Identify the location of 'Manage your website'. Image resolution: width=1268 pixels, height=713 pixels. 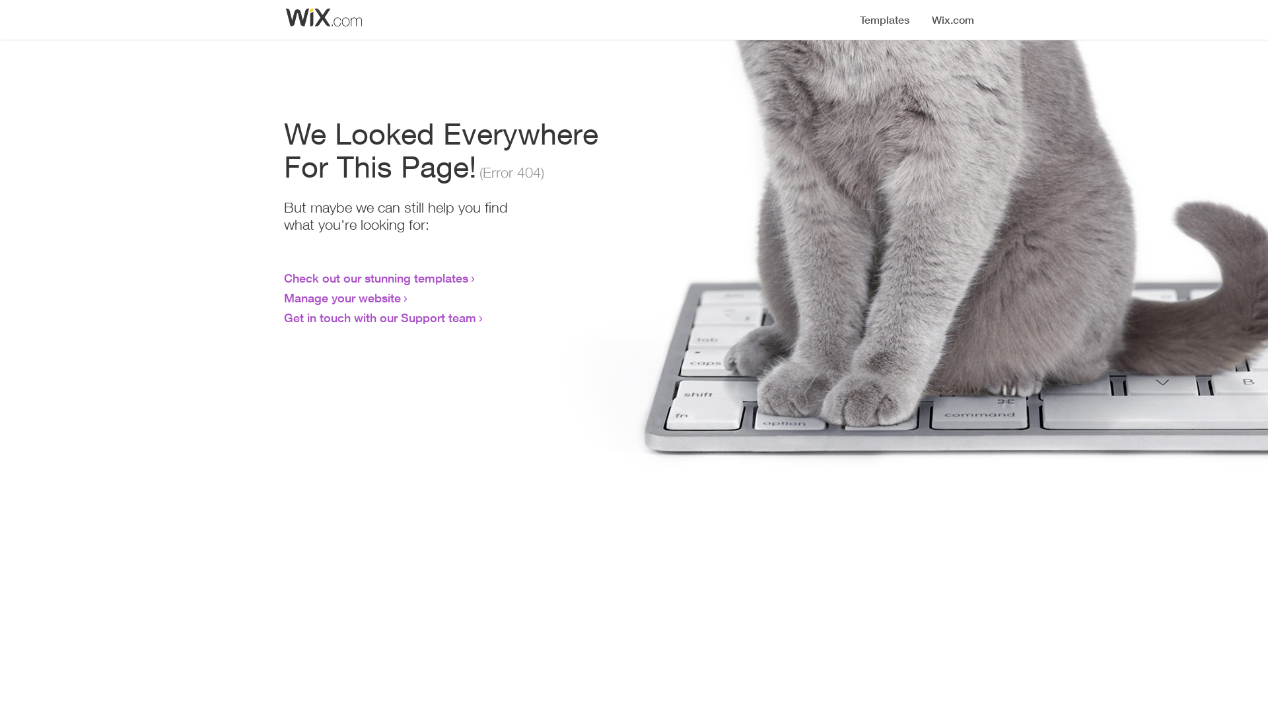
(342, 298).